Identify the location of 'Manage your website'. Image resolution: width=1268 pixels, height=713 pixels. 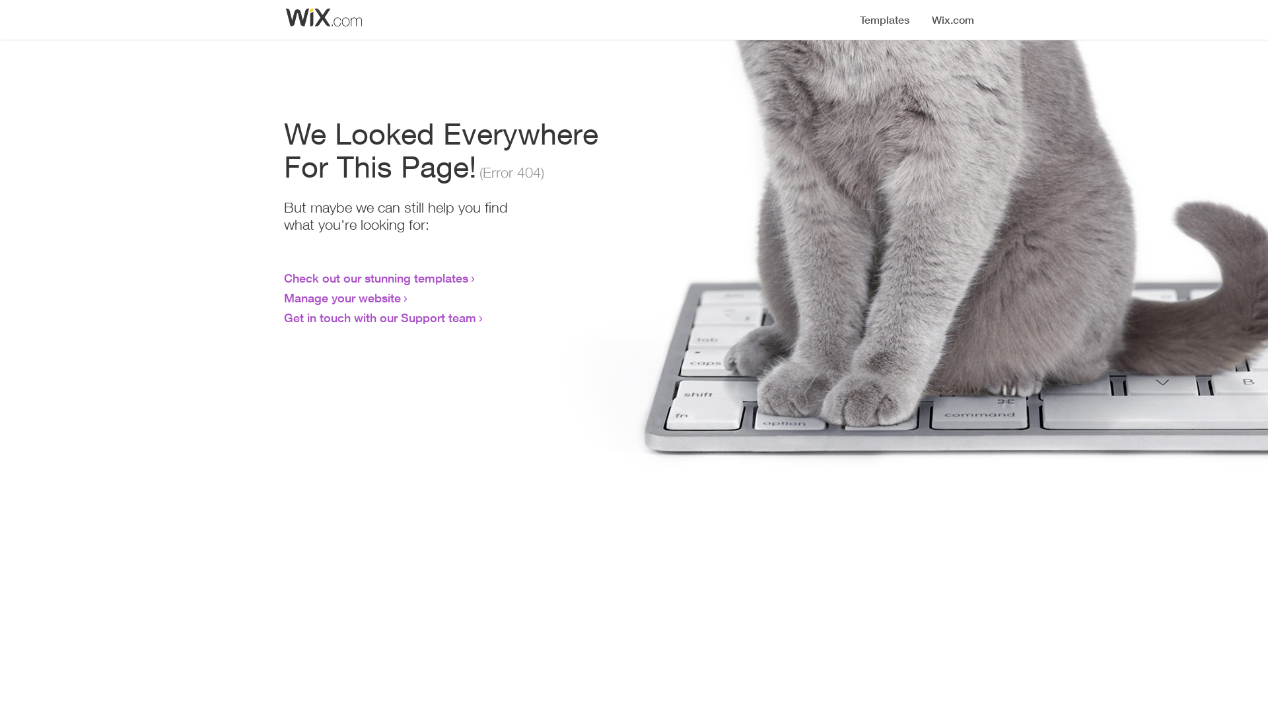
(342, 298).